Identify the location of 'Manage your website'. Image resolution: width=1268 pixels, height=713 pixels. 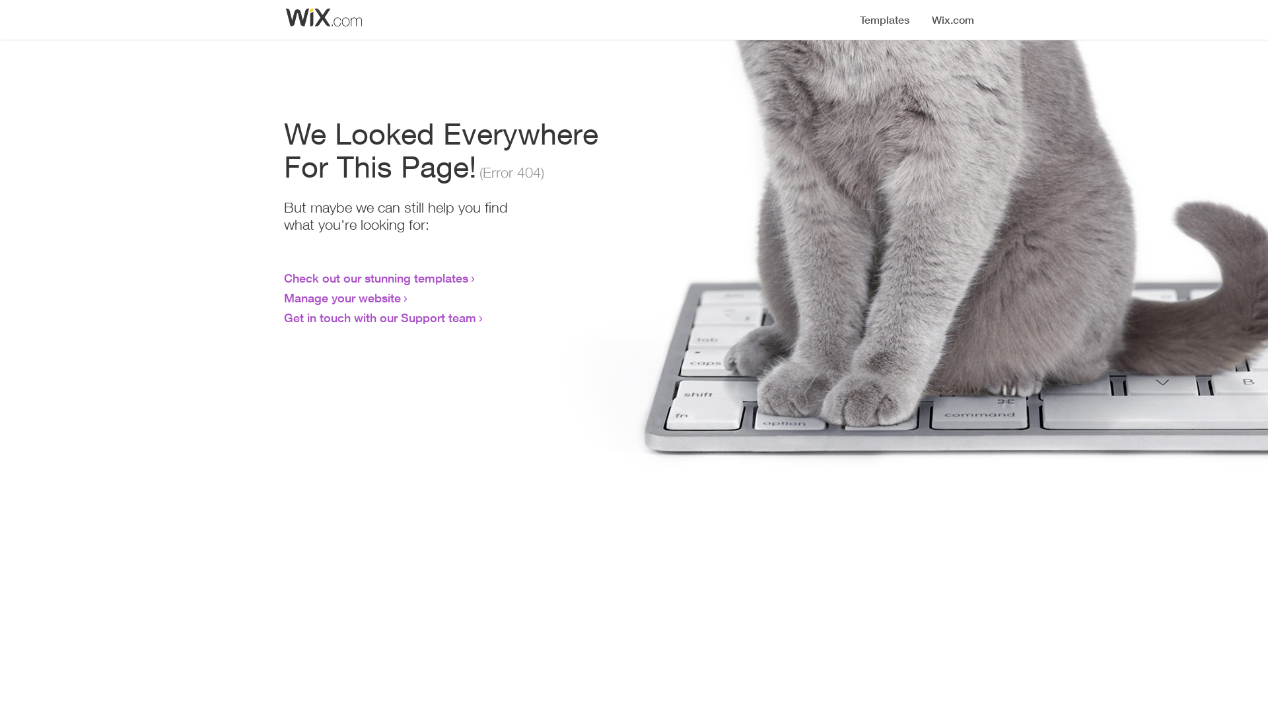
(342, 298).